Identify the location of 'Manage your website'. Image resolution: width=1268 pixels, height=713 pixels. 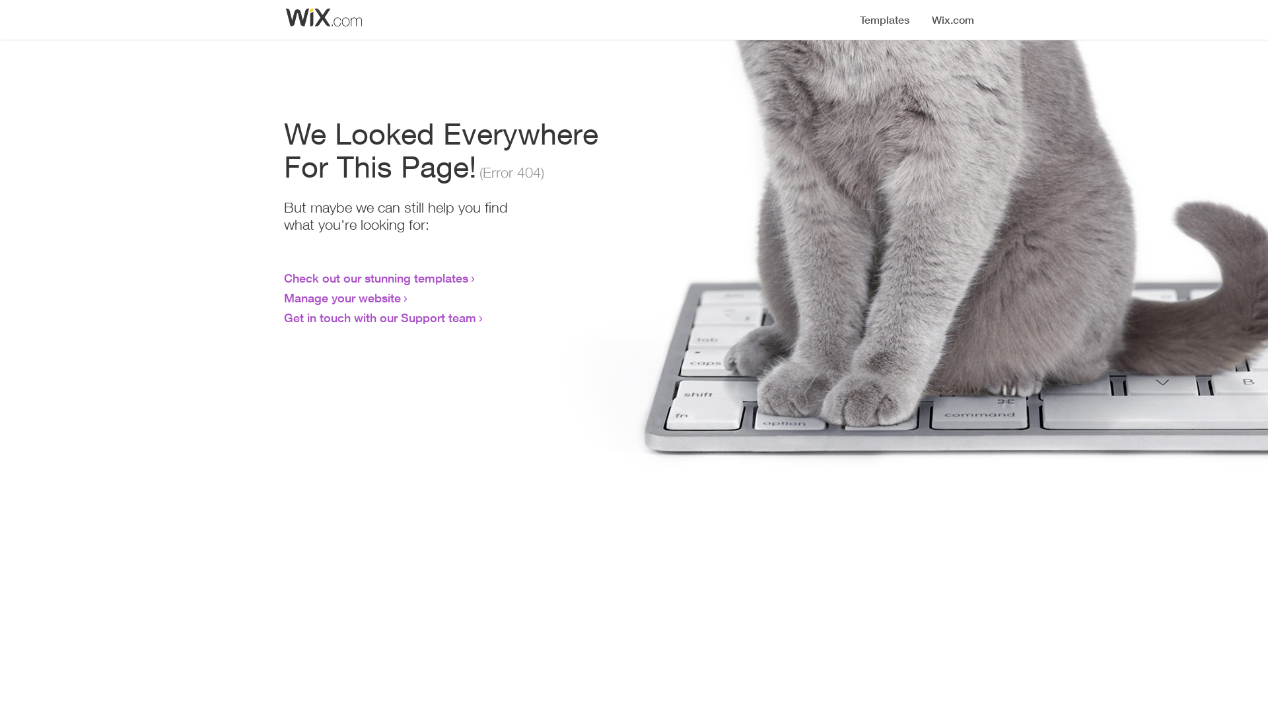
(342, 298).